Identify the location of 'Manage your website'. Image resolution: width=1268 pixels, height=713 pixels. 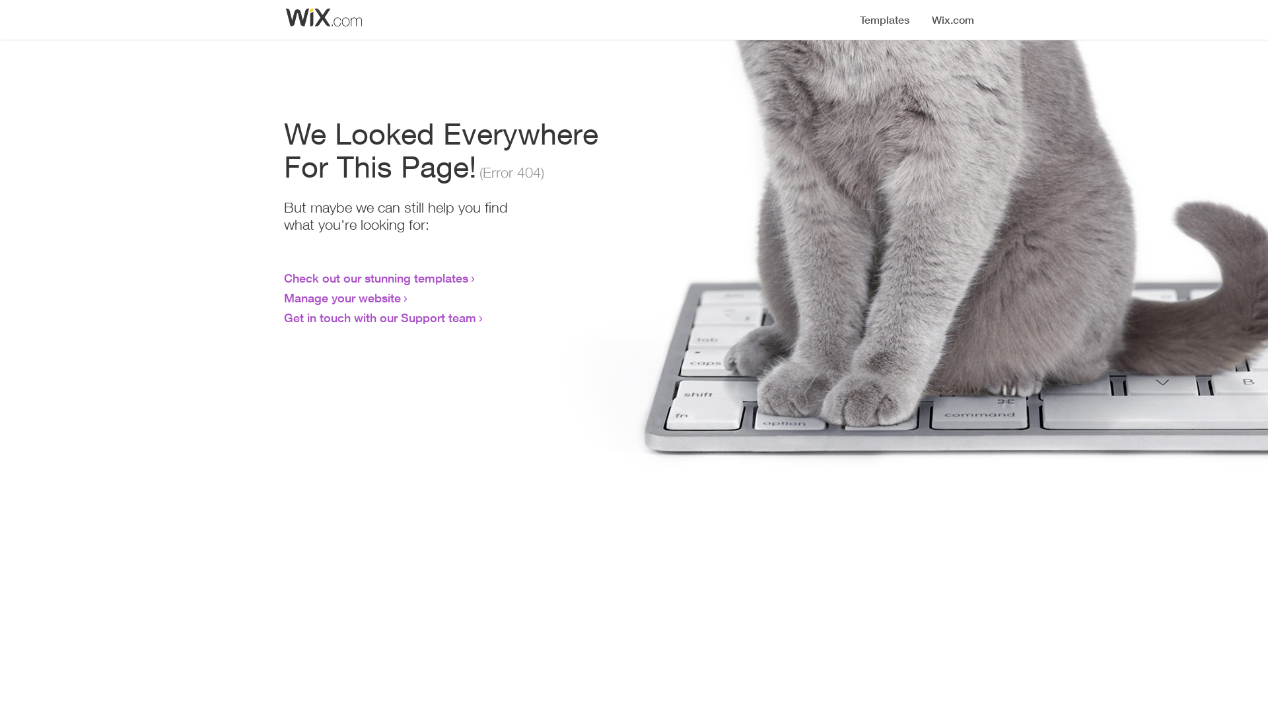
(342, 298).